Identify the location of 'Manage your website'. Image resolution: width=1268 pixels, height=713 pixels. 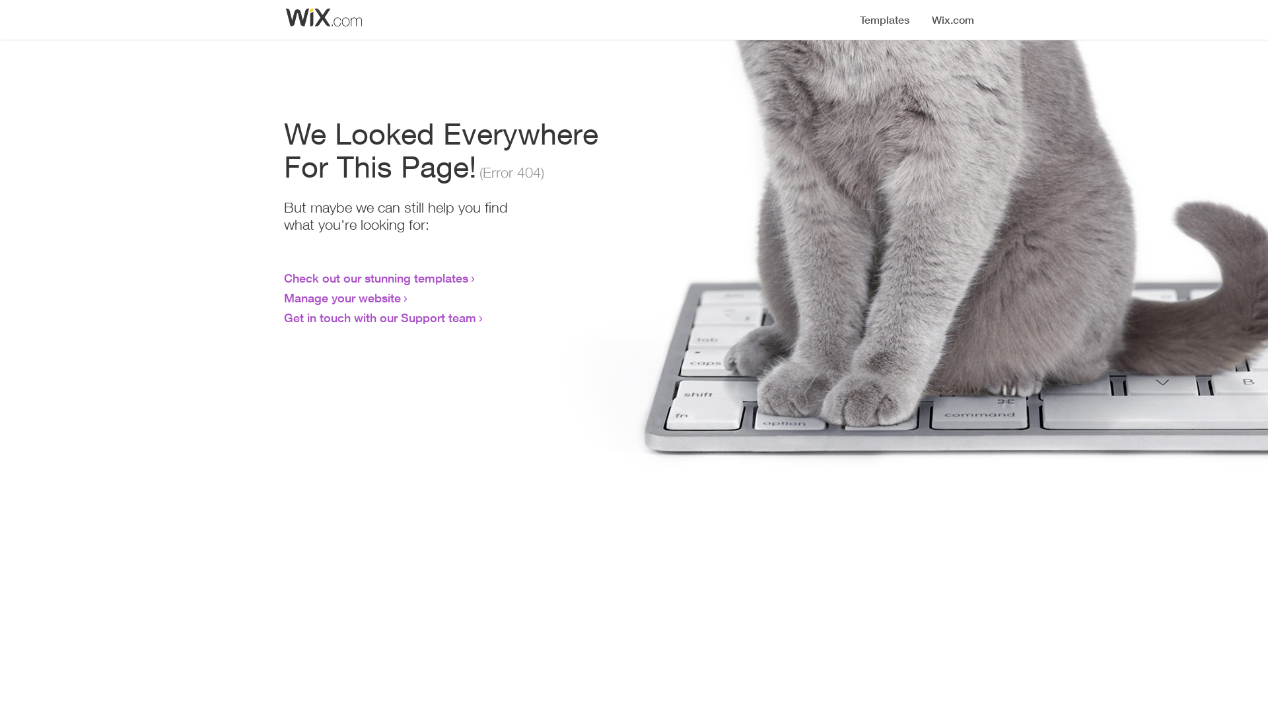
(342, 298).